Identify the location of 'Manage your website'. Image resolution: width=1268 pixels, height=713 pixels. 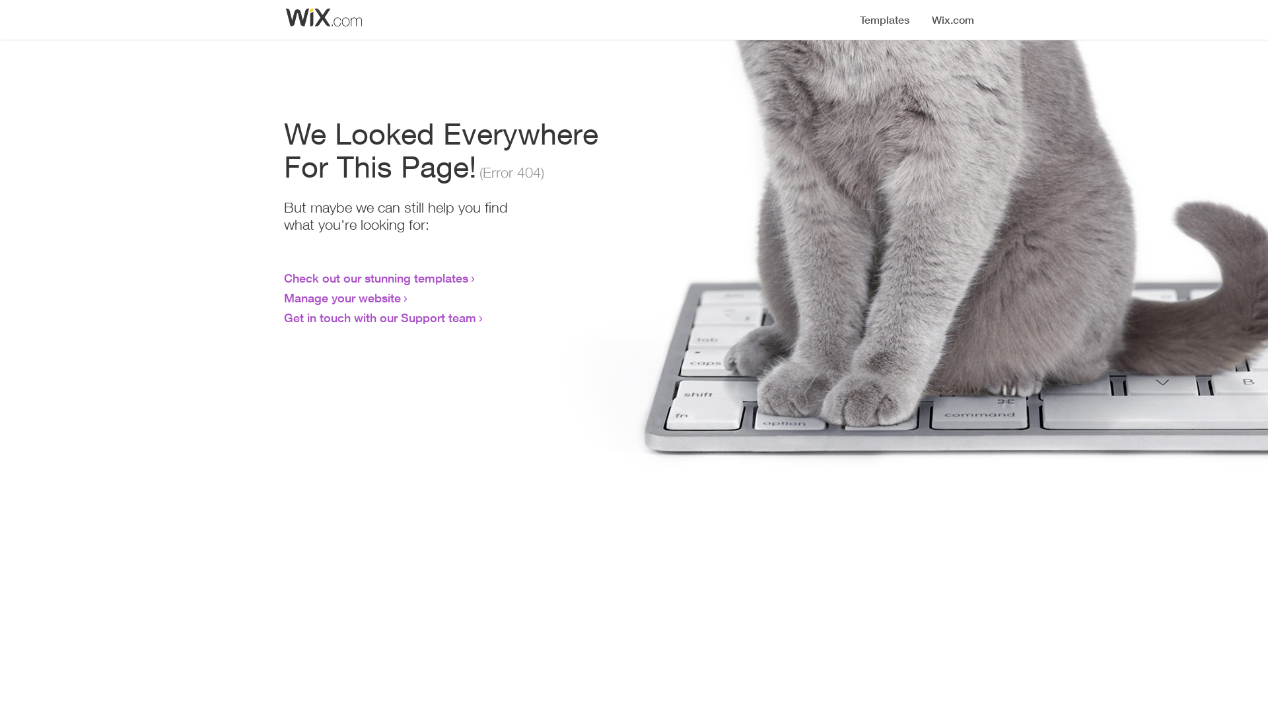
(342, 298).